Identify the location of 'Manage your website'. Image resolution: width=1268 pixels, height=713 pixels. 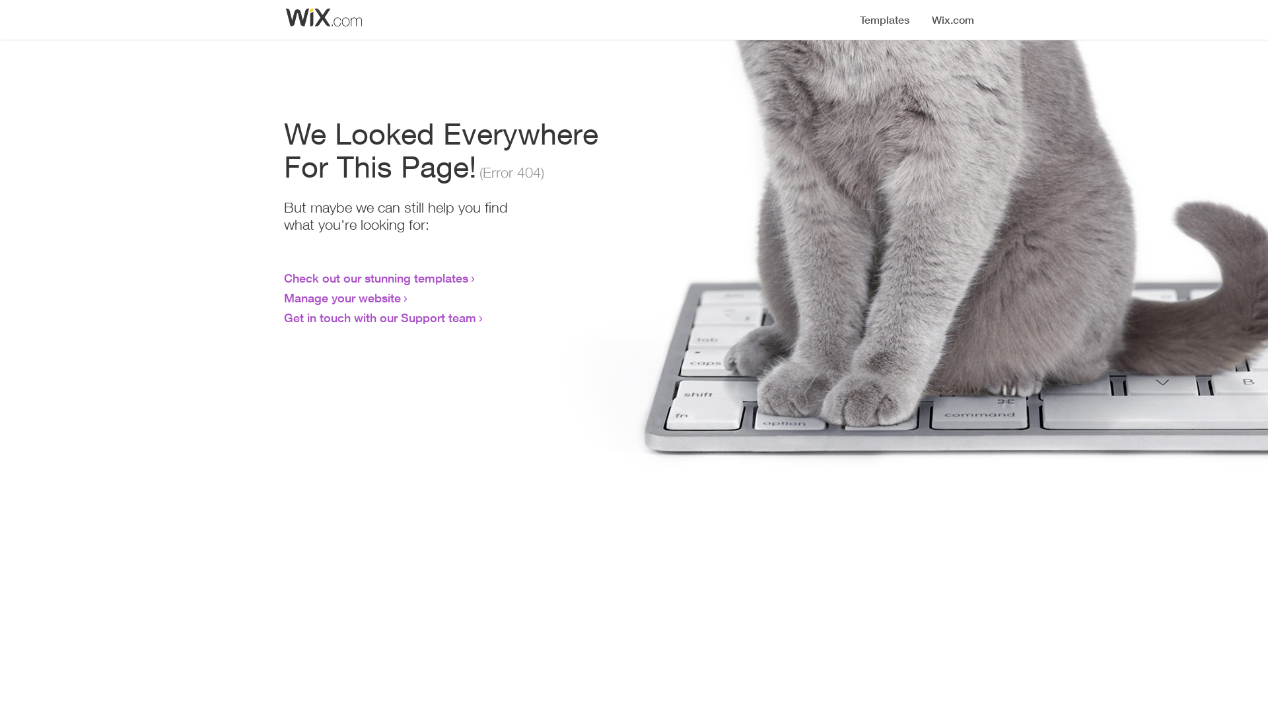
(342, 298).